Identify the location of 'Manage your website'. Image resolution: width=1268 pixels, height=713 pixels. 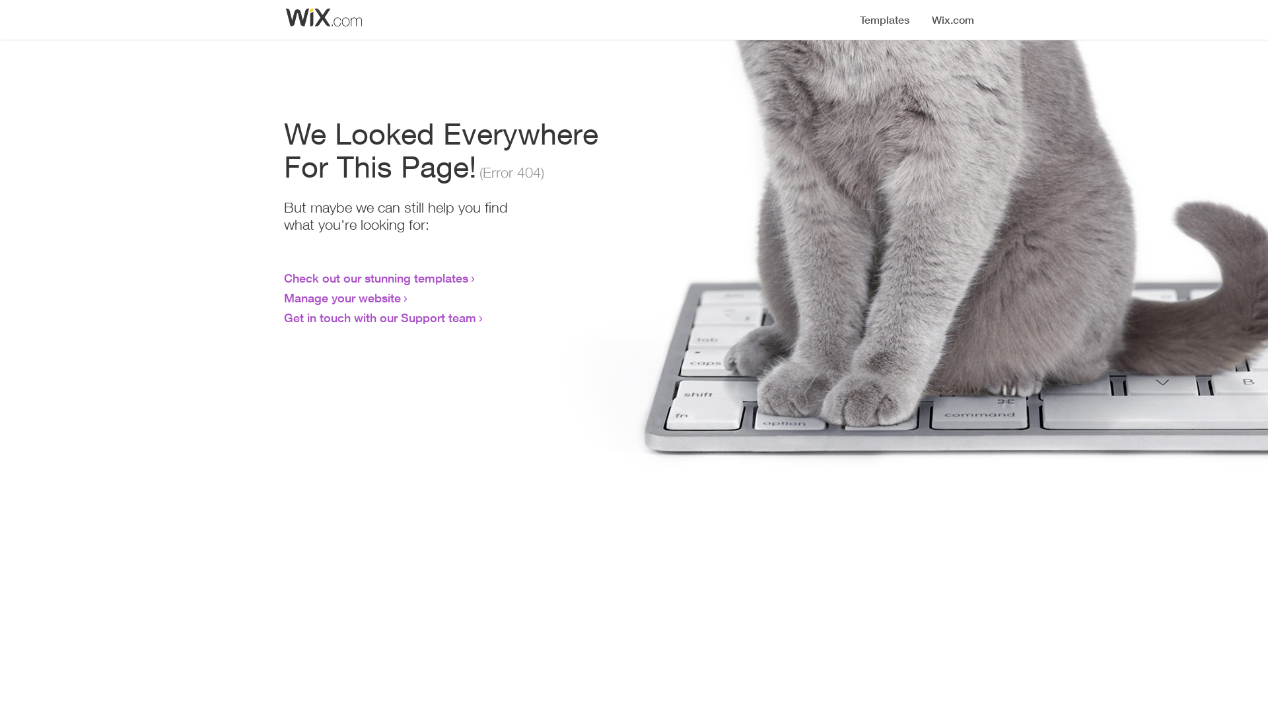
(342, 298).